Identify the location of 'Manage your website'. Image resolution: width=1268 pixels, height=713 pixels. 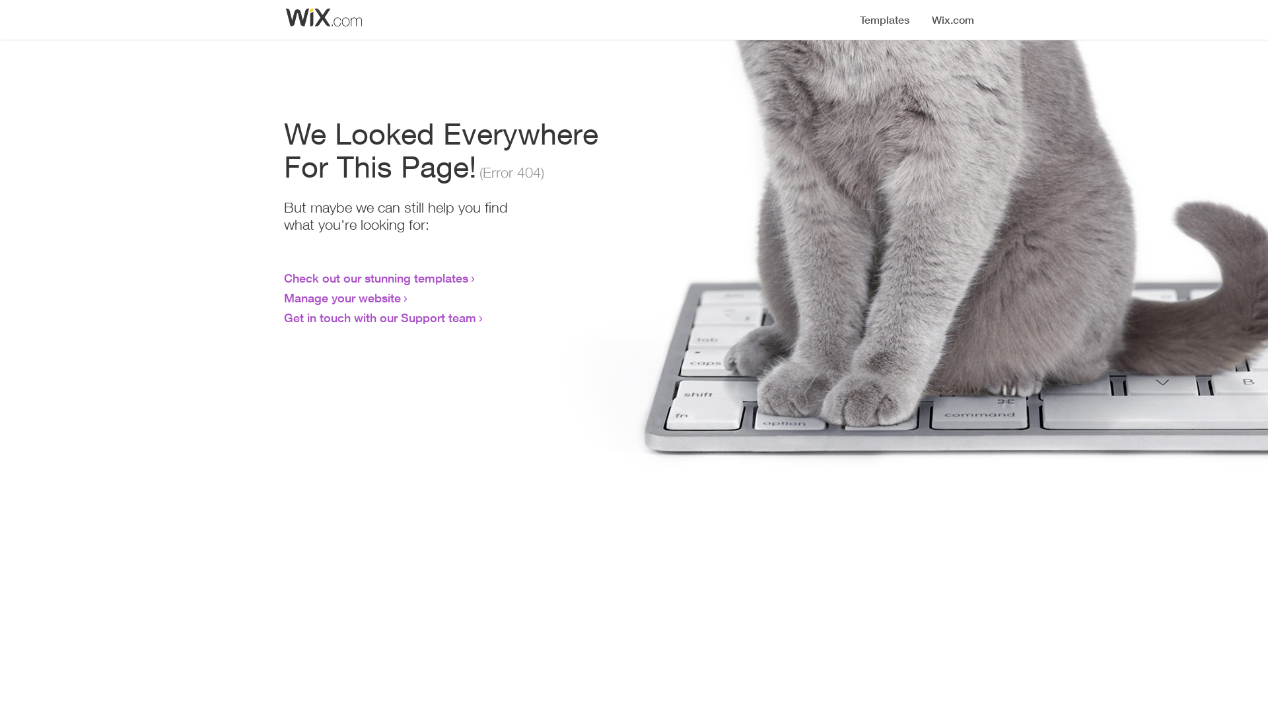
(342, 298).